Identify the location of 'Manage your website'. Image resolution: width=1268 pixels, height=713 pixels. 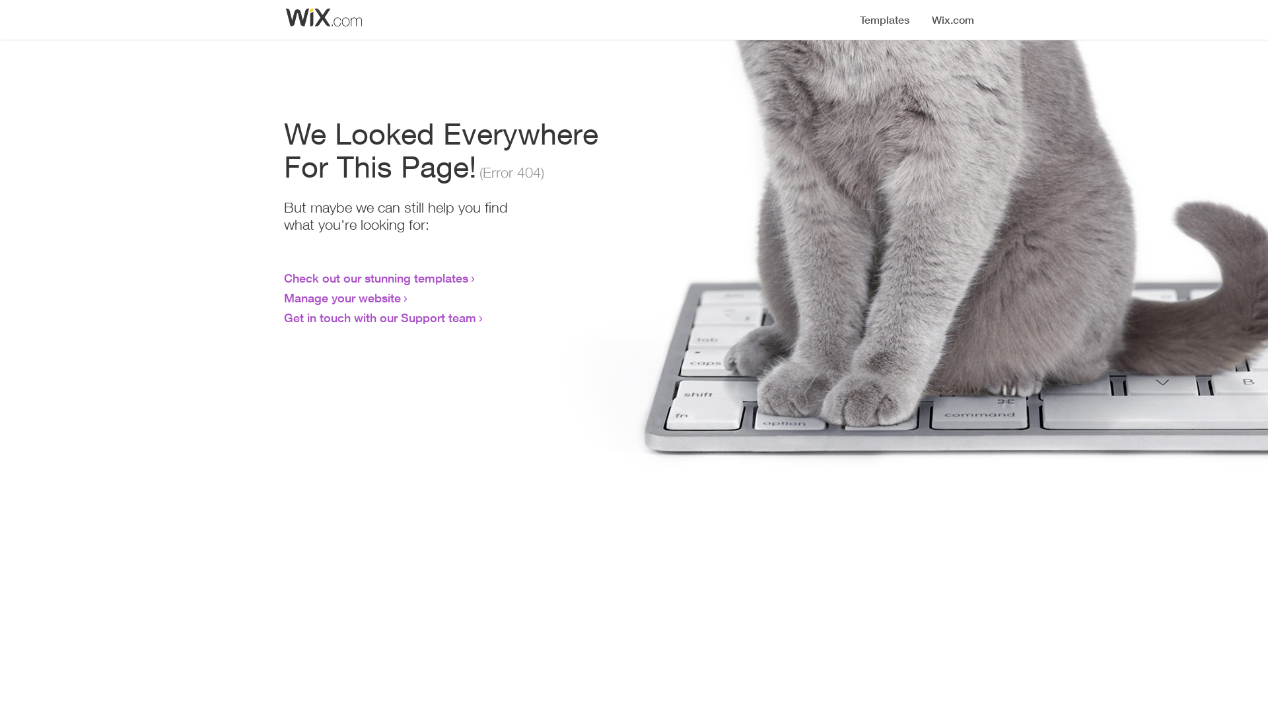
(342, 298).